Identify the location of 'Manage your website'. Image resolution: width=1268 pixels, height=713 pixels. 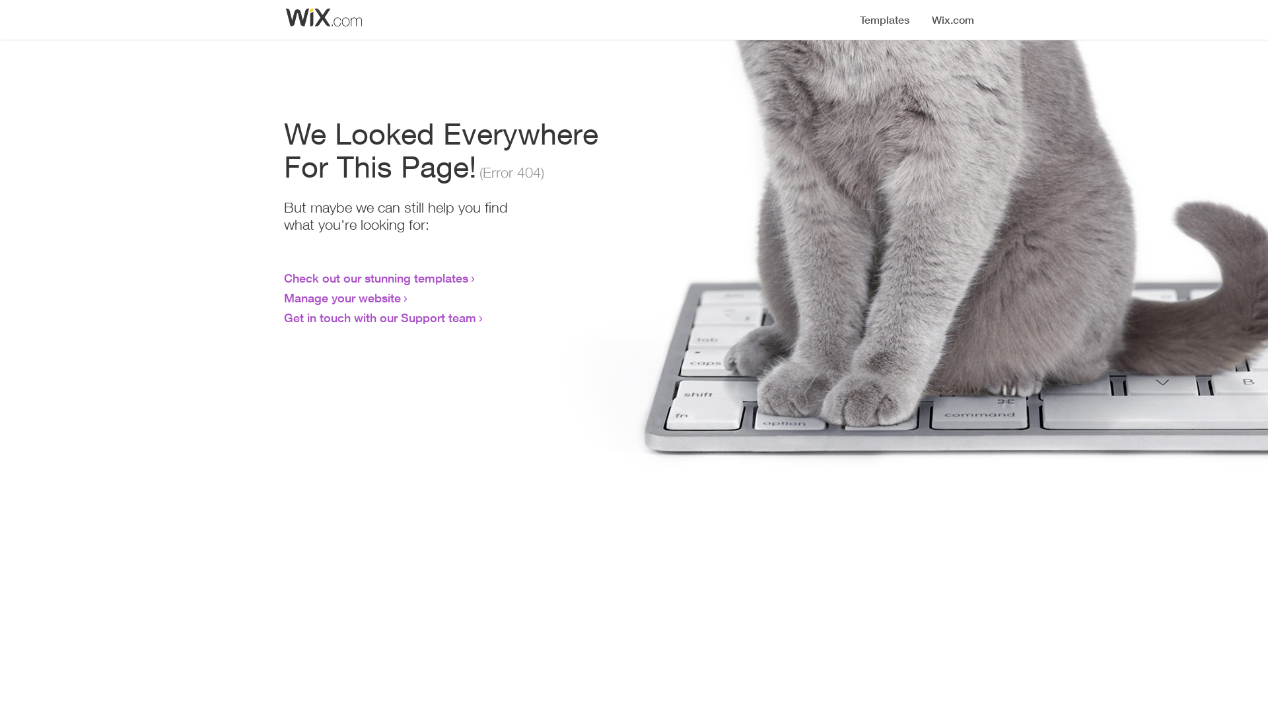
(342, 298).